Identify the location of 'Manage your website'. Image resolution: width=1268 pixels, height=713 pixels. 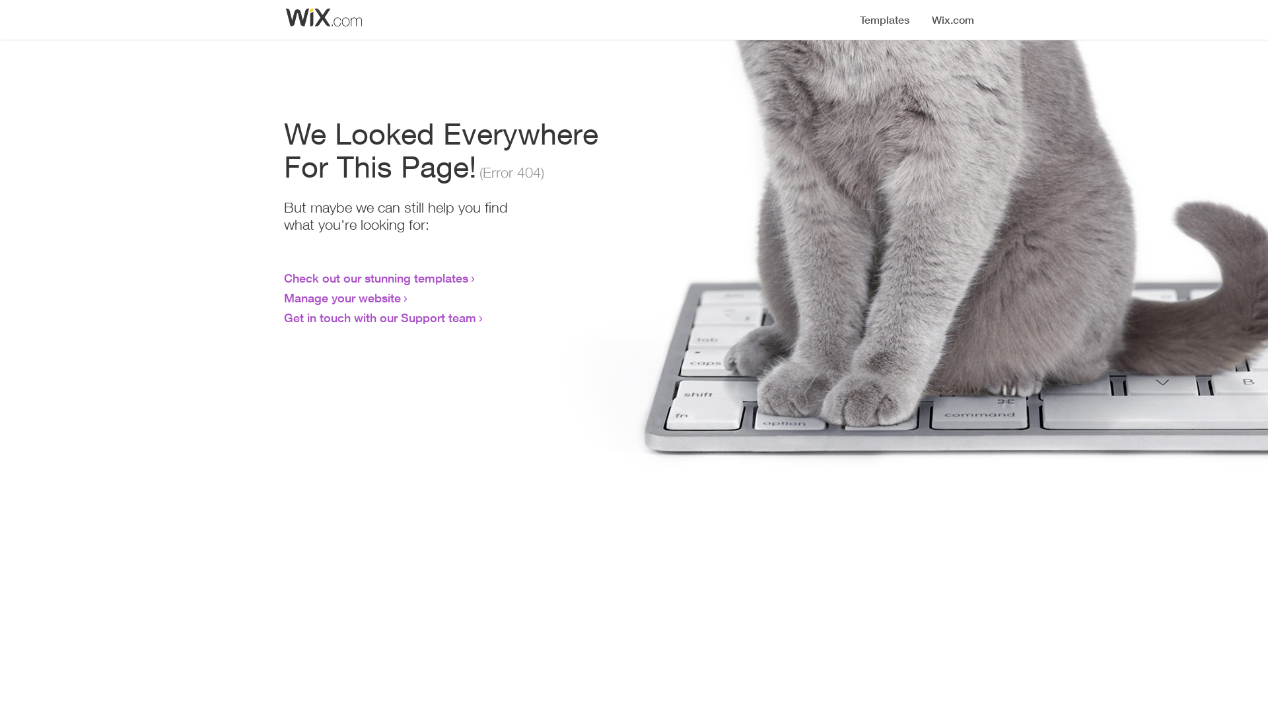
(342, 298).